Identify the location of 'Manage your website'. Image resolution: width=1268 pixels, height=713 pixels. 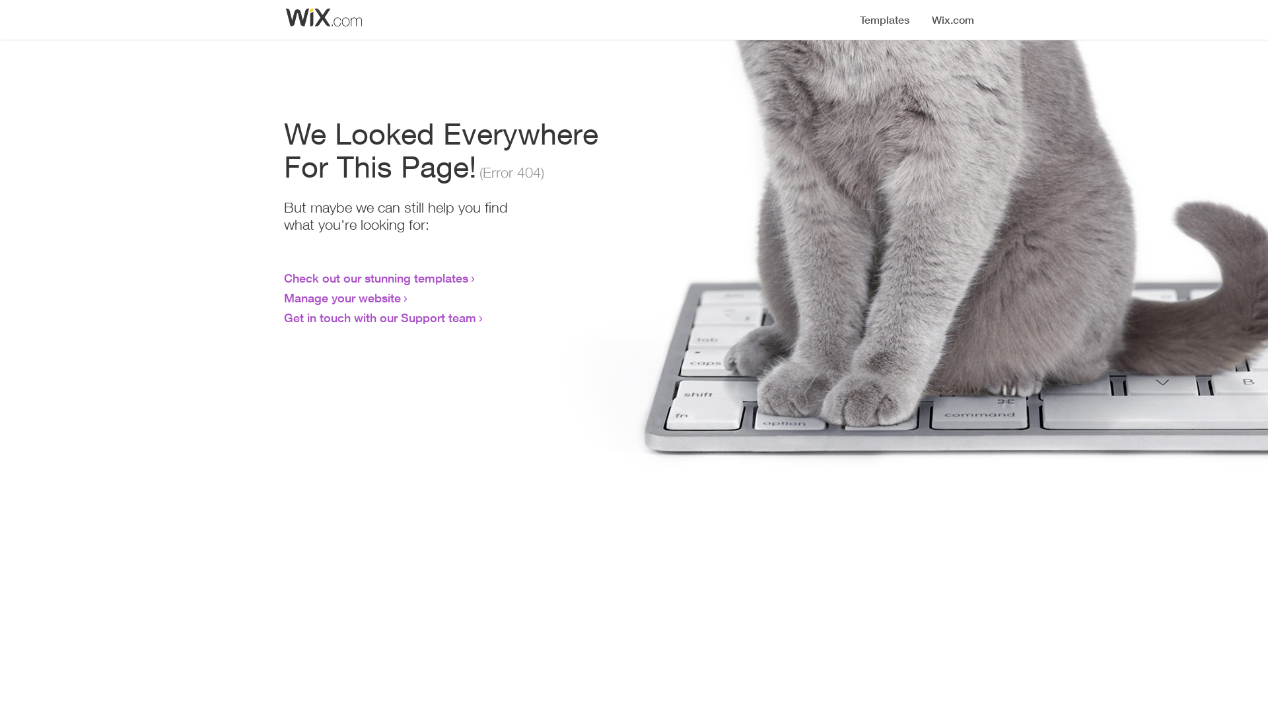
(342, 298).